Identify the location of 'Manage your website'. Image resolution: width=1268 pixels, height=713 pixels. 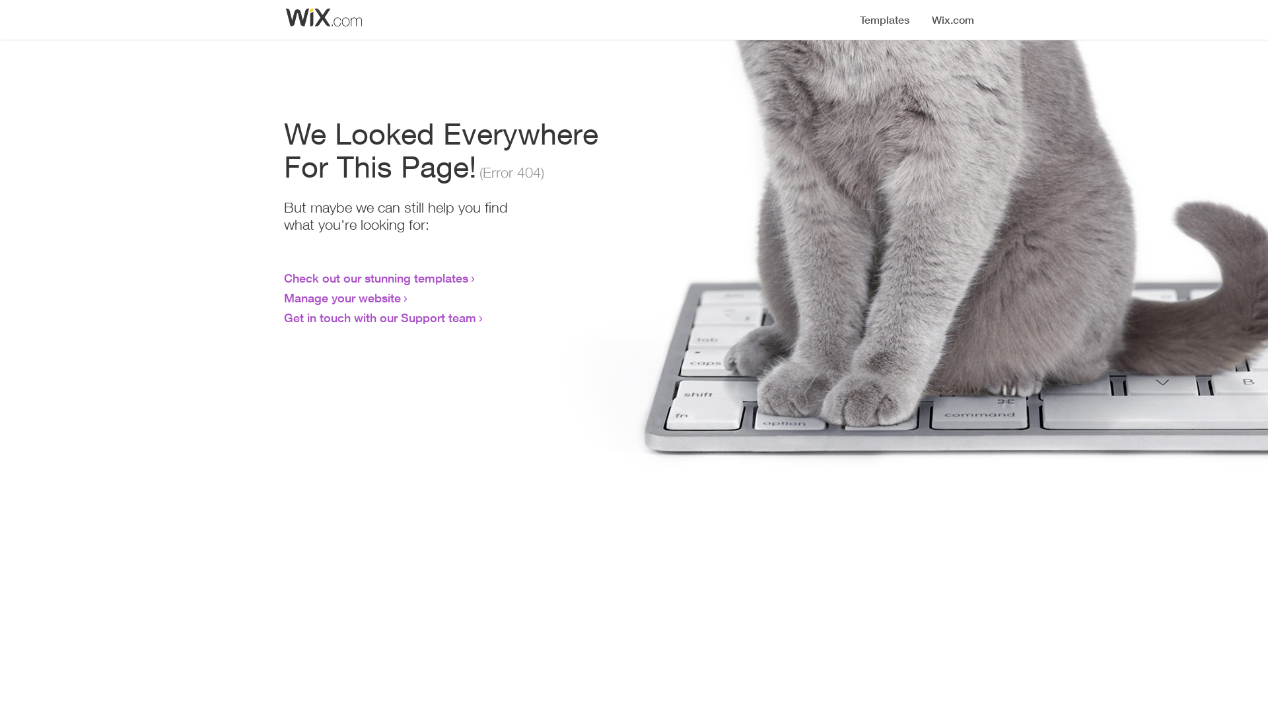
(342, 298).